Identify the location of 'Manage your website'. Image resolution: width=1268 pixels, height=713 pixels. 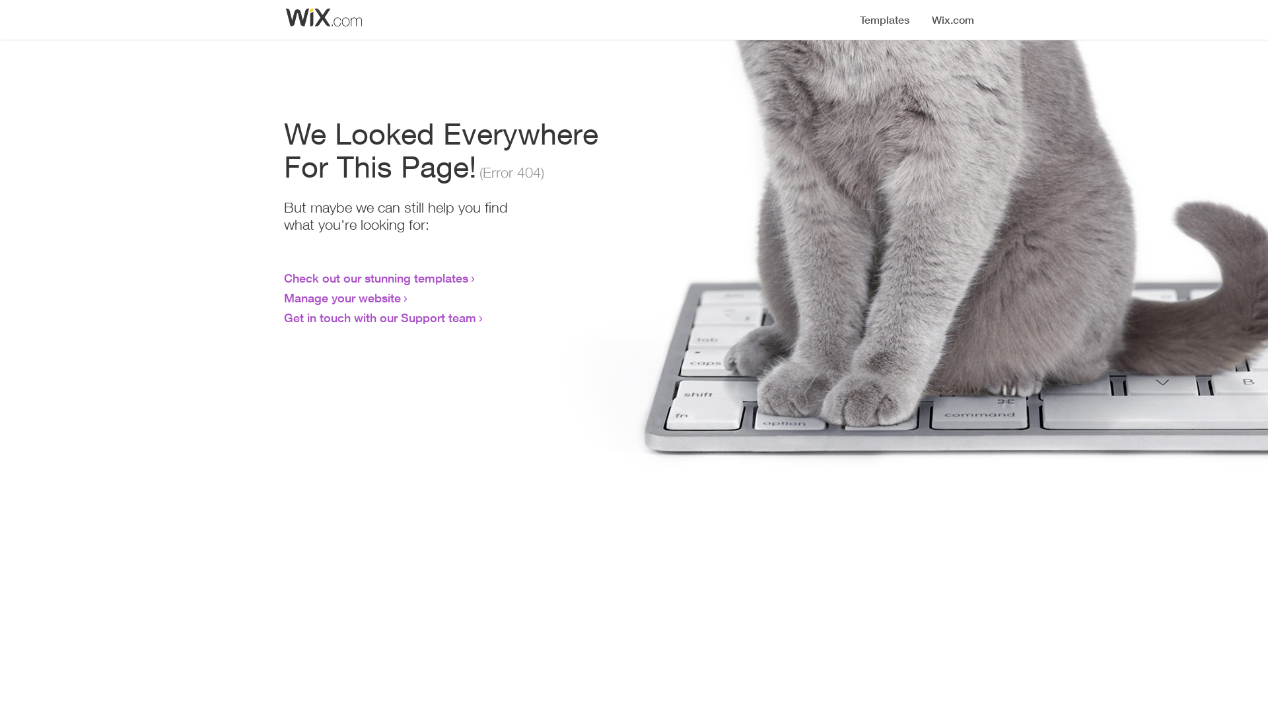
(342, 298).